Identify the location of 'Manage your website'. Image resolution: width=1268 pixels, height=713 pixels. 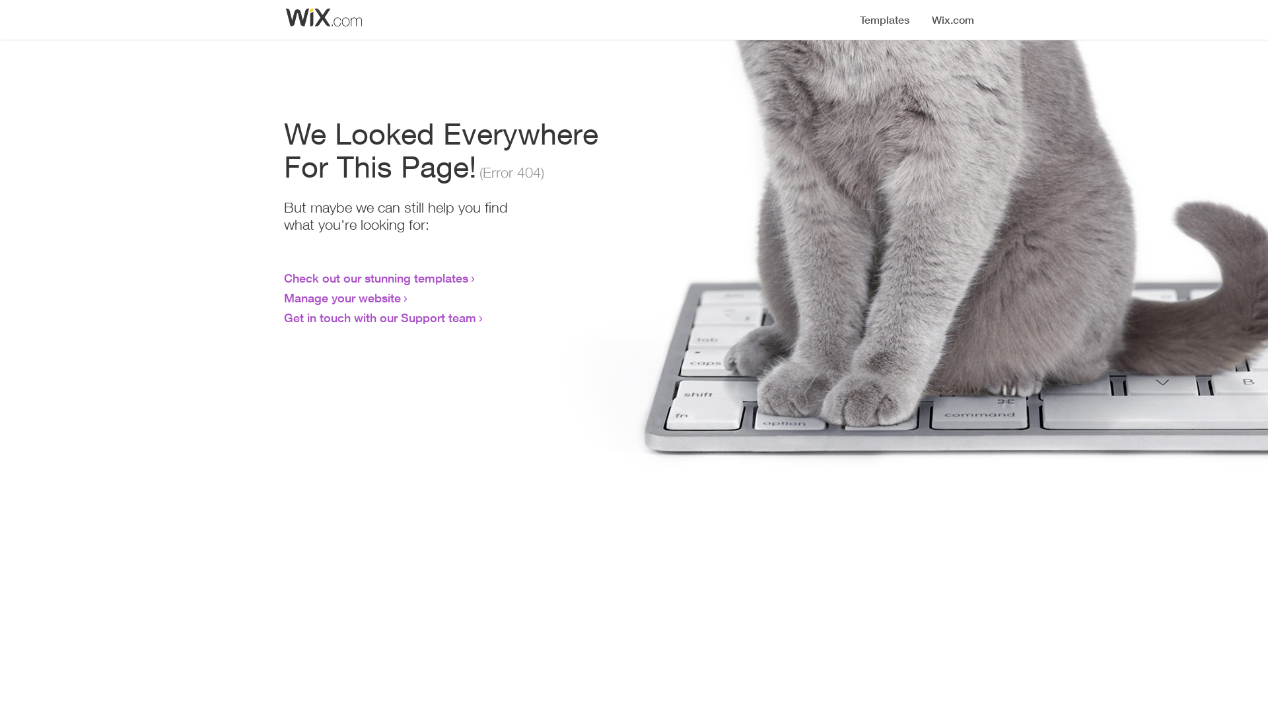
(342, 298).